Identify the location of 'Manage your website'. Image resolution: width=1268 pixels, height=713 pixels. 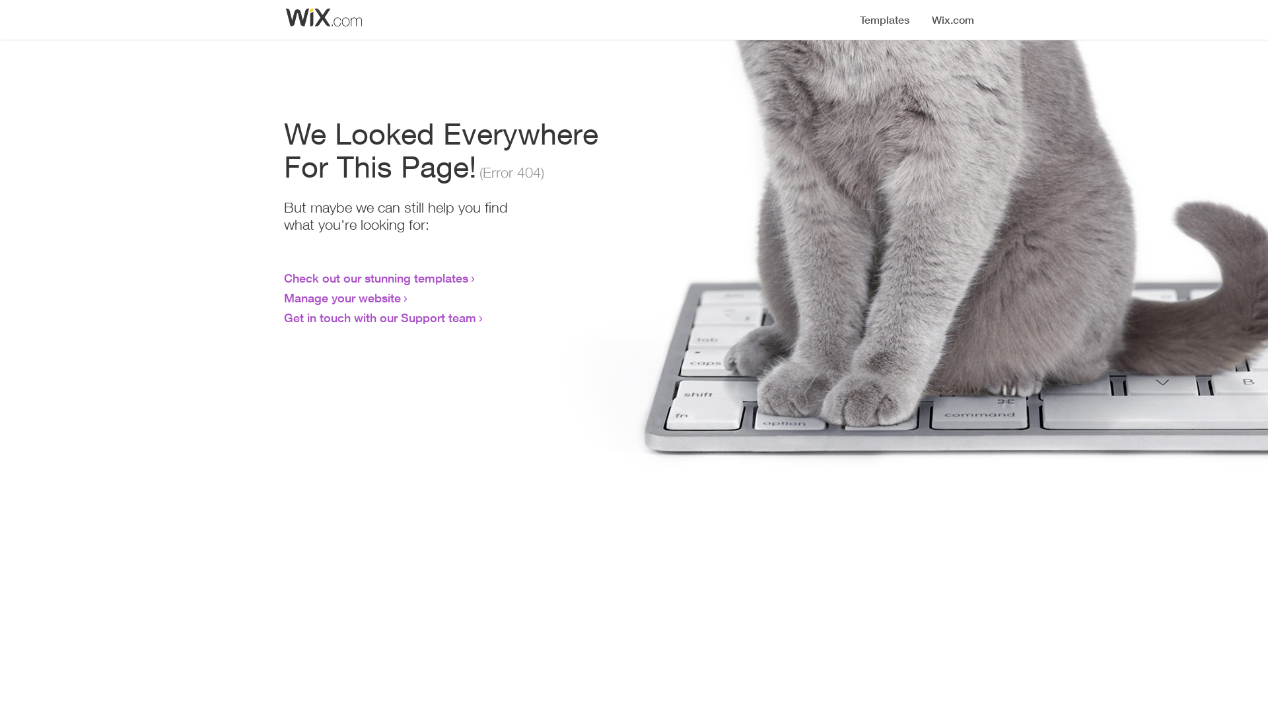
(342, 298).